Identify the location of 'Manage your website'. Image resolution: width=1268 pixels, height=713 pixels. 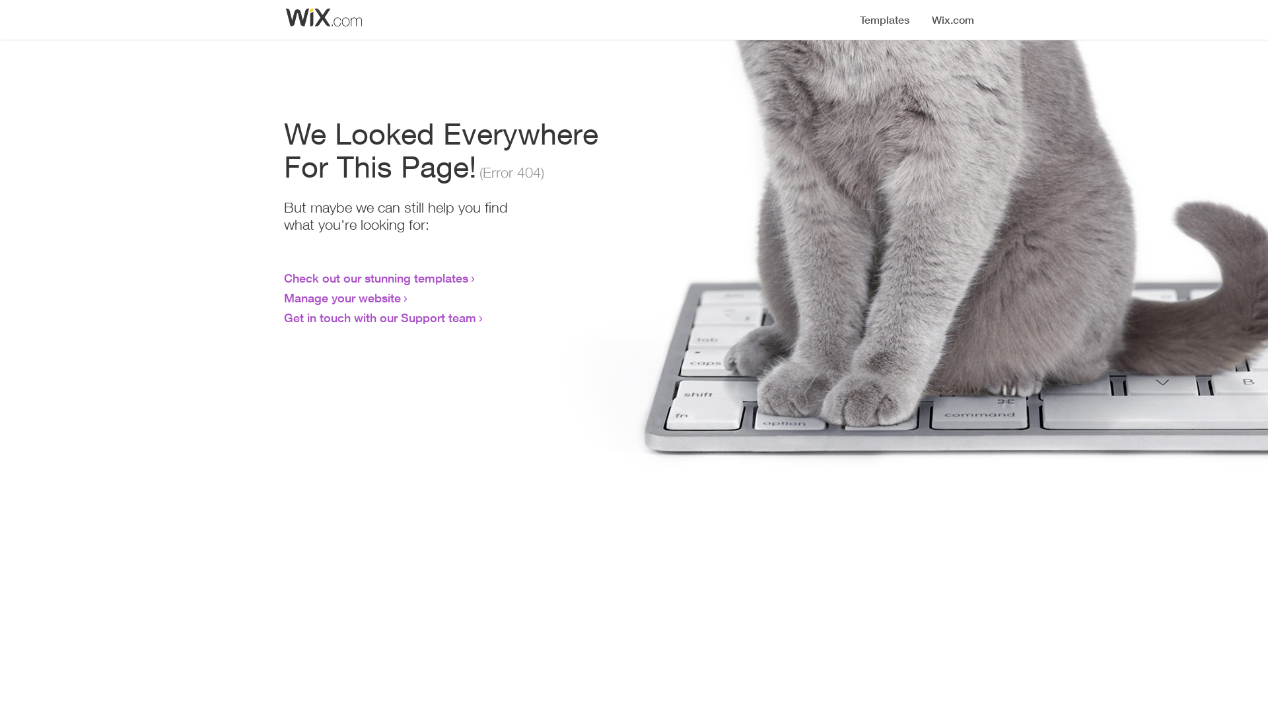
(342, 298).